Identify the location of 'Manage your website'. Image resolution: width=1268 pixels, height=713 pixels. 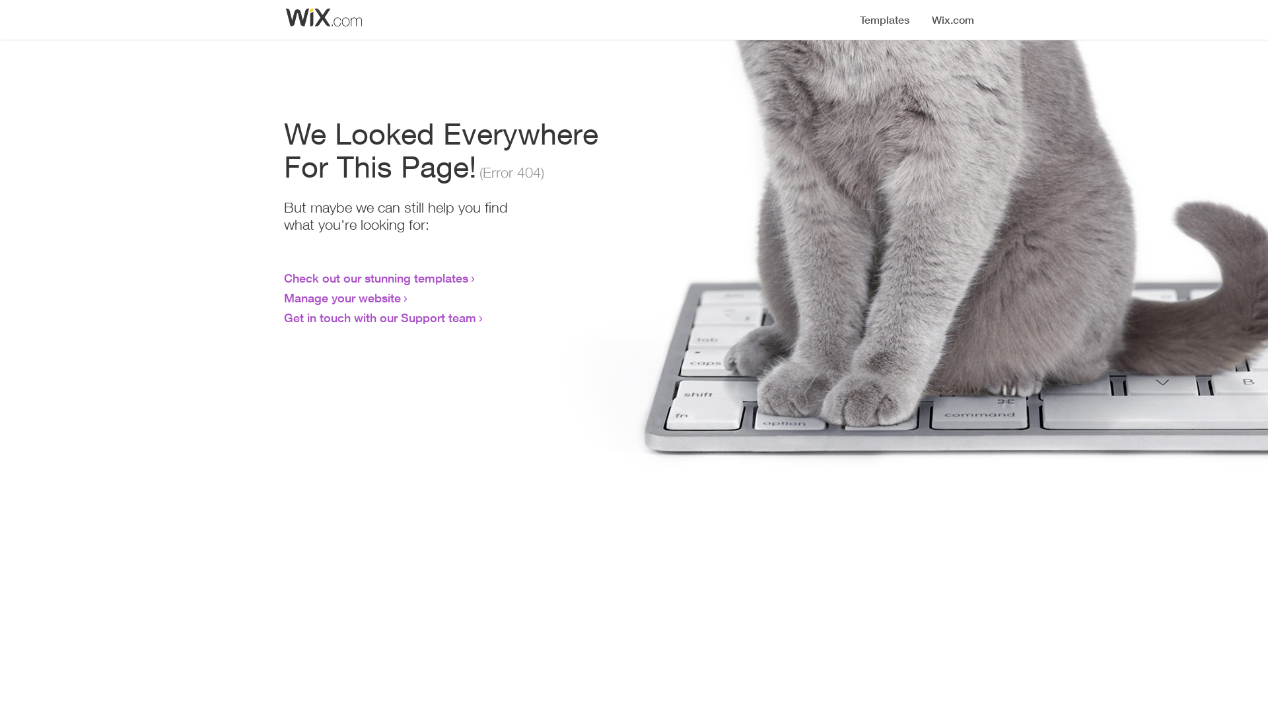
(342, 298).